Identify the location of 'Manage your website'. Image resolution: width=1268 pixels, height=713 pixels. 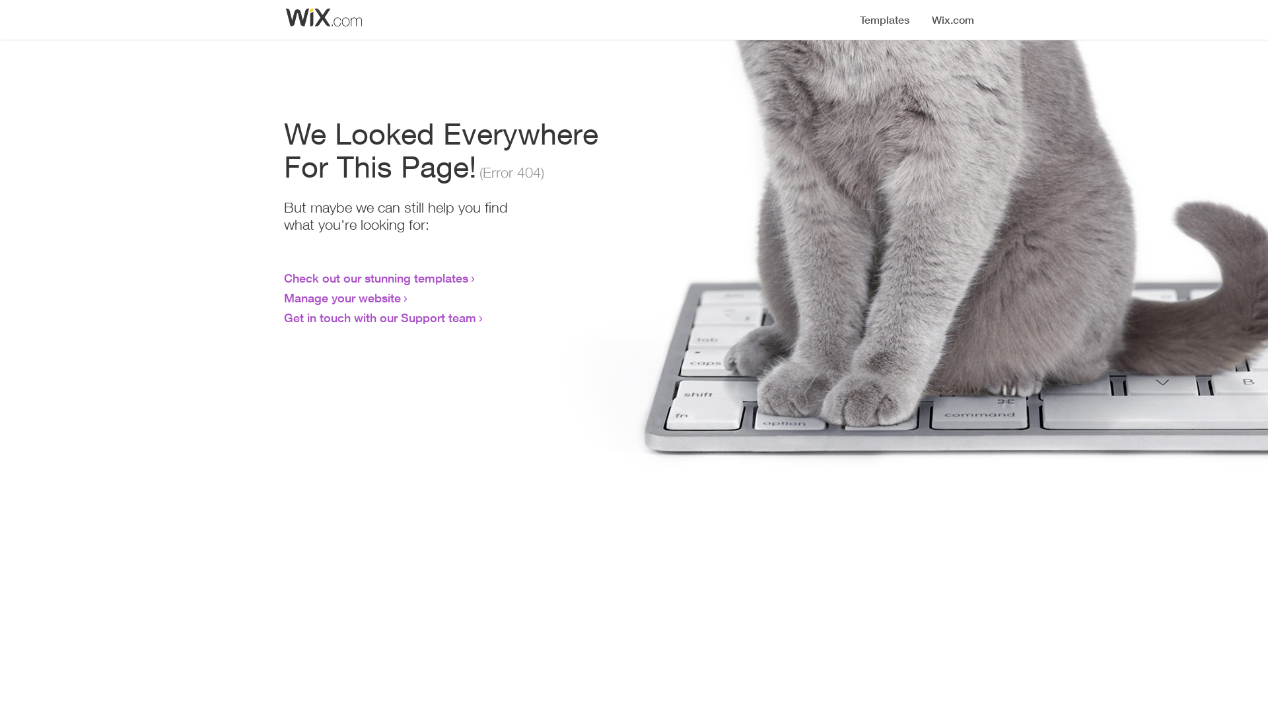
(342, 298).